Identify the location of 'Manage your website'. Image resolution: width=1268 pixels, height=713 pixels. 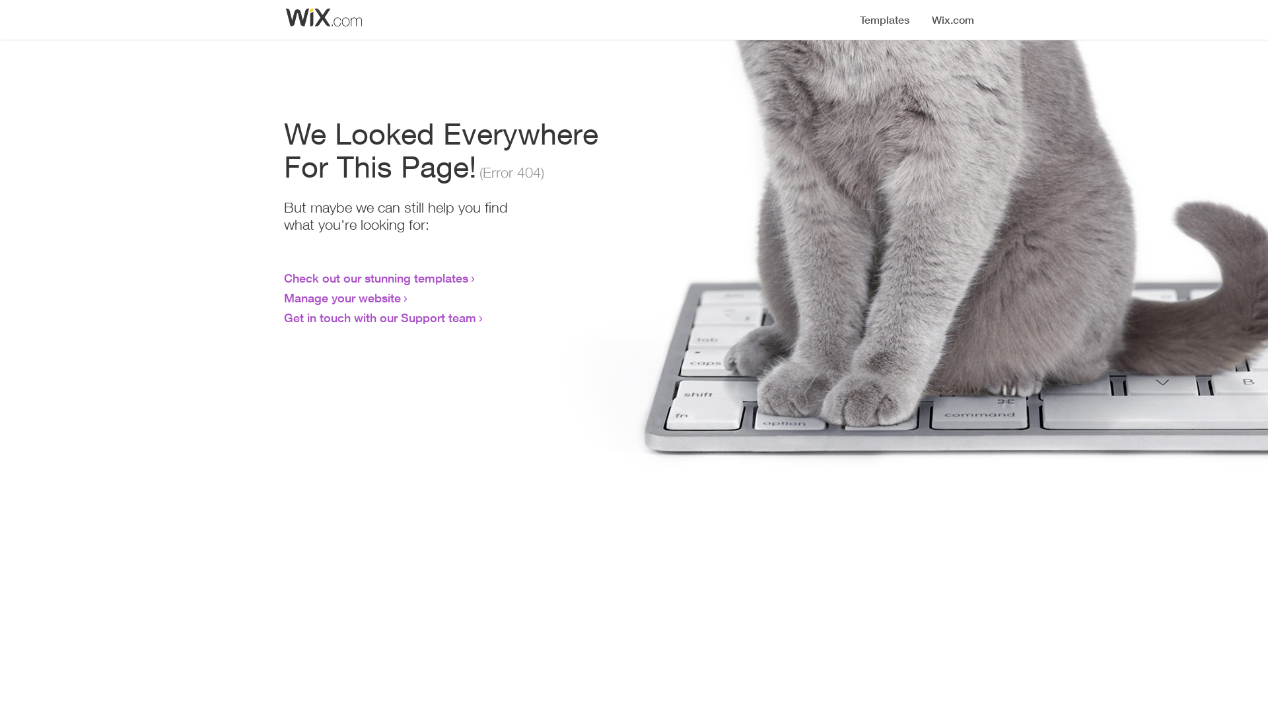
(342, 298).